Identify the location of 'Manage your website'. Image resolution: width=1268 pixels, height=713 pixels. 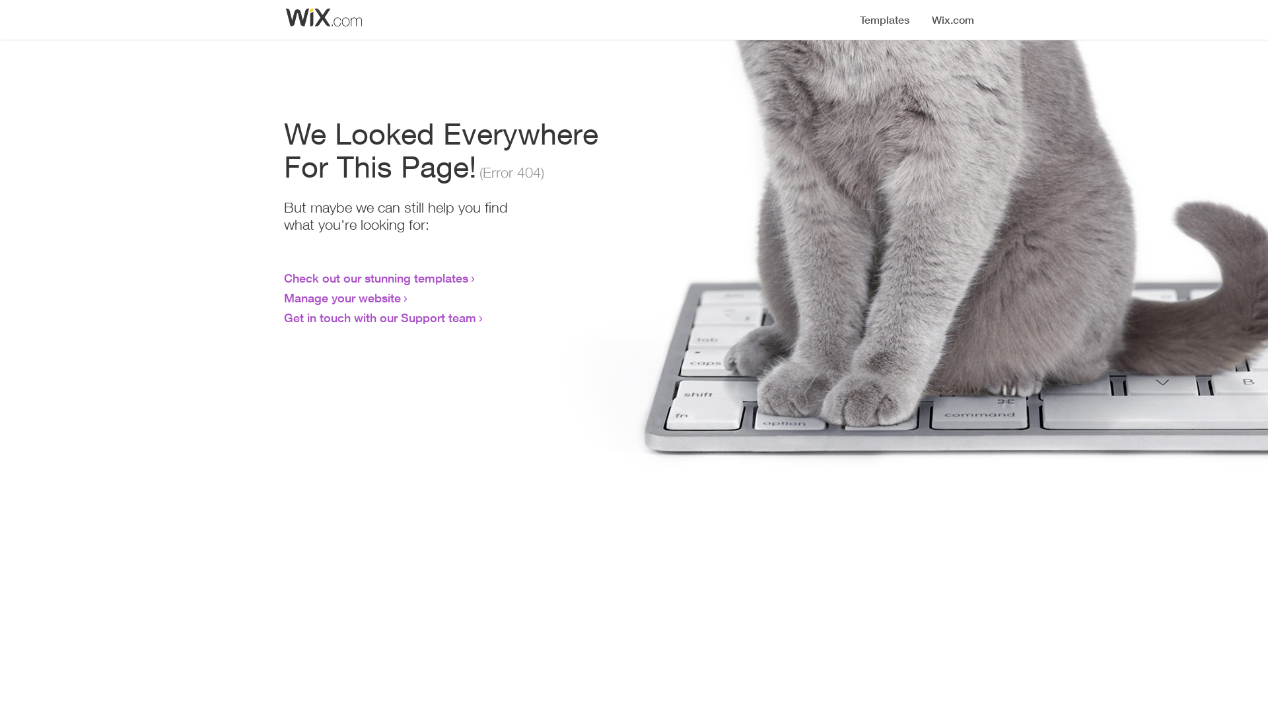
(342, 298).